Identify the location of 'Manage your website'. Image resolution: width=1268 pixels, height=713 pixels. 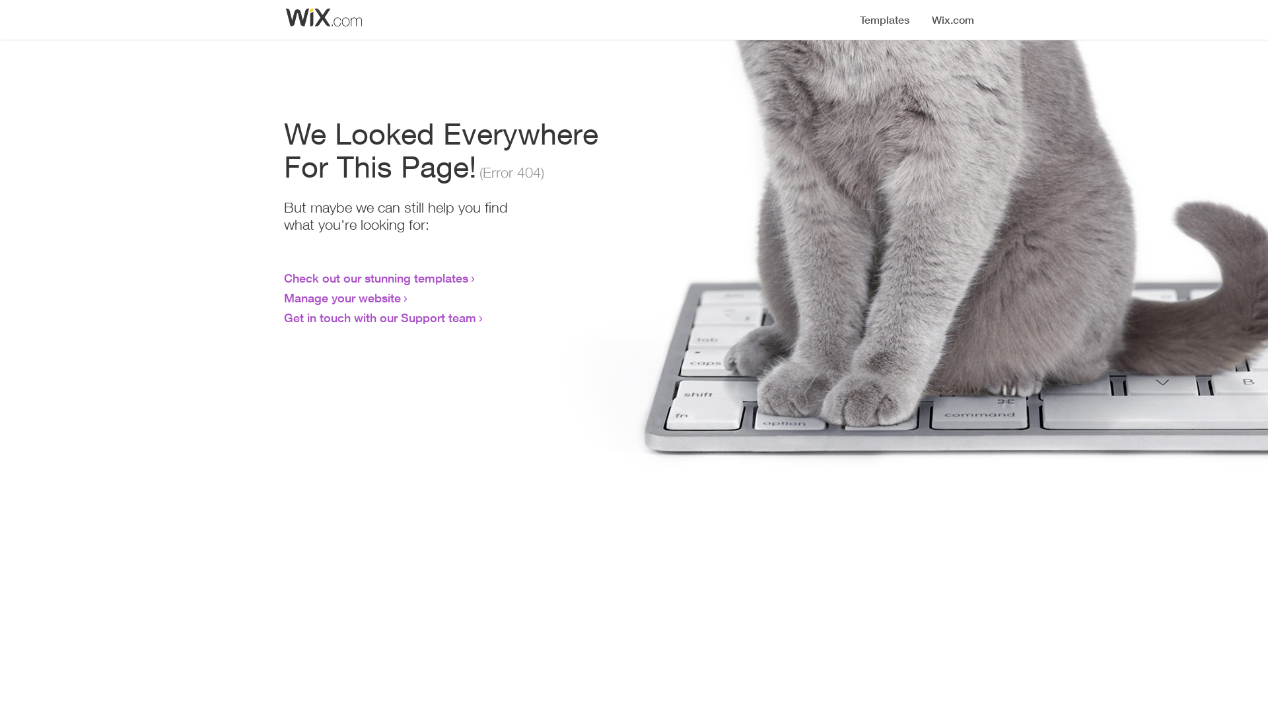
(342, 298).